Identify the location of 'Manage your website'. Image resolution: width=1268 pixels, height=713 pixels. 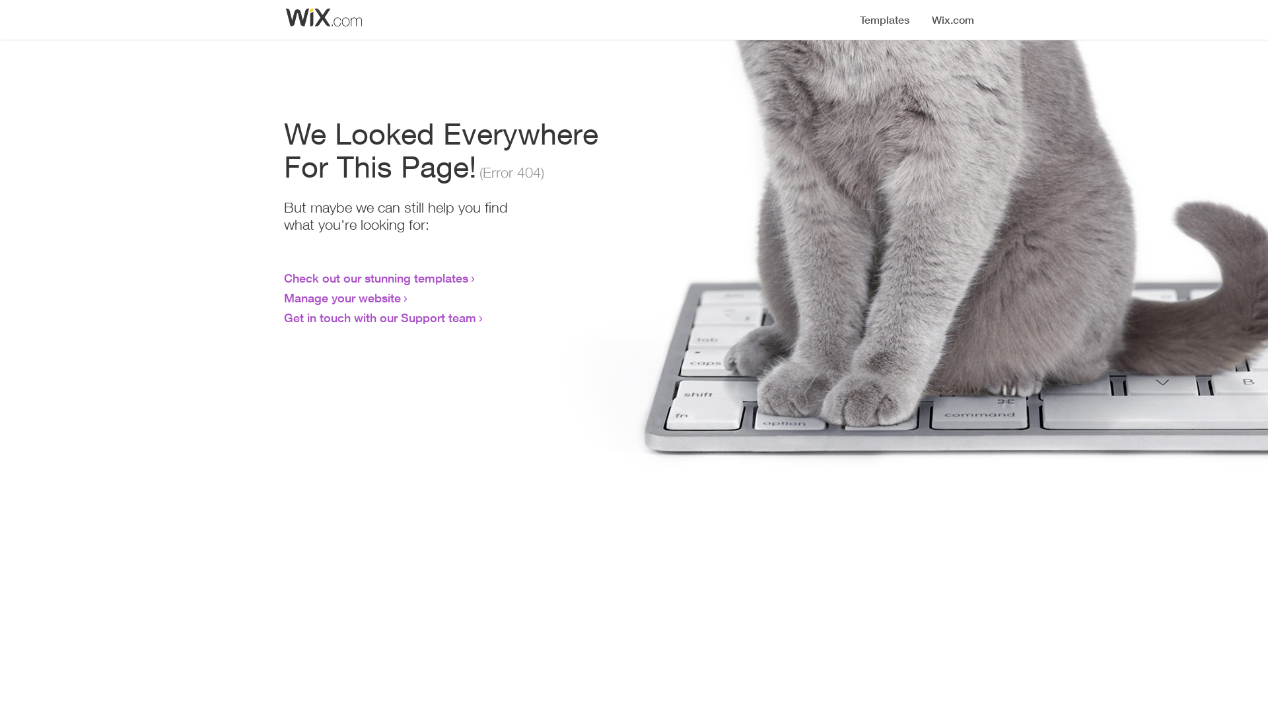
(342, 298).